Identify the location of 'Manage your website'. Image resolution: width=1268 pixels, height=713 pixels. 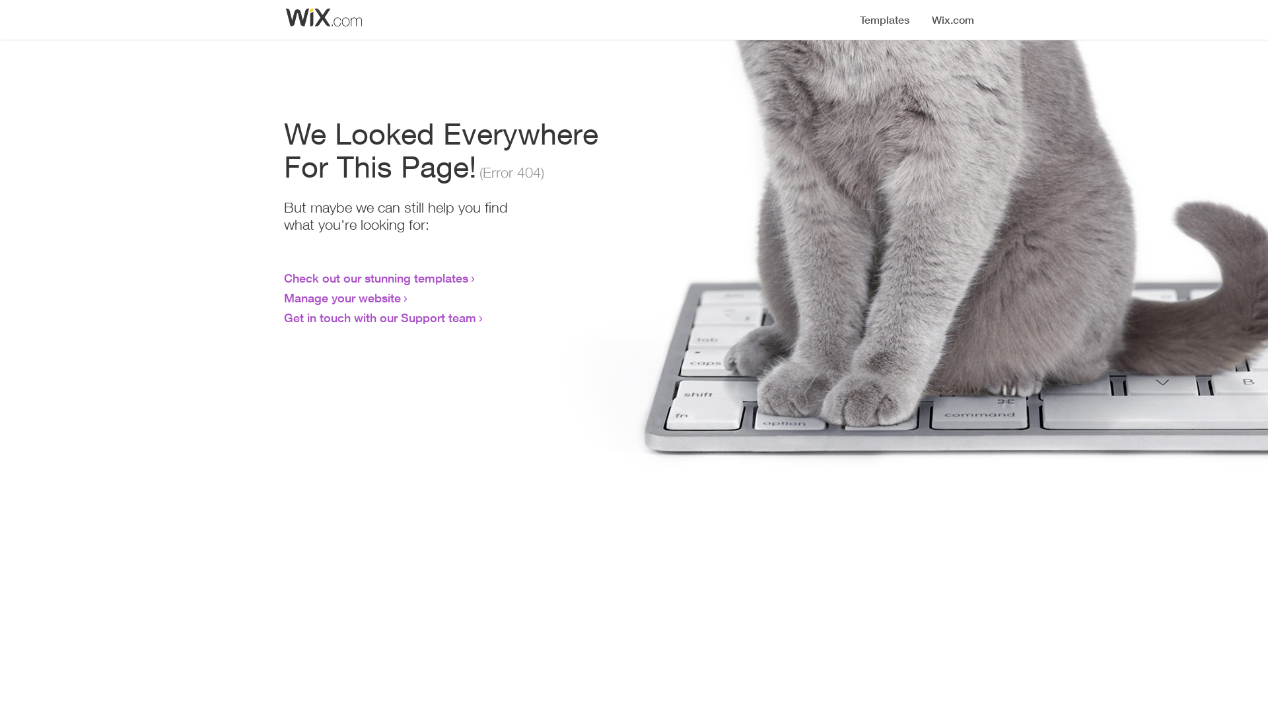
(342, 298).